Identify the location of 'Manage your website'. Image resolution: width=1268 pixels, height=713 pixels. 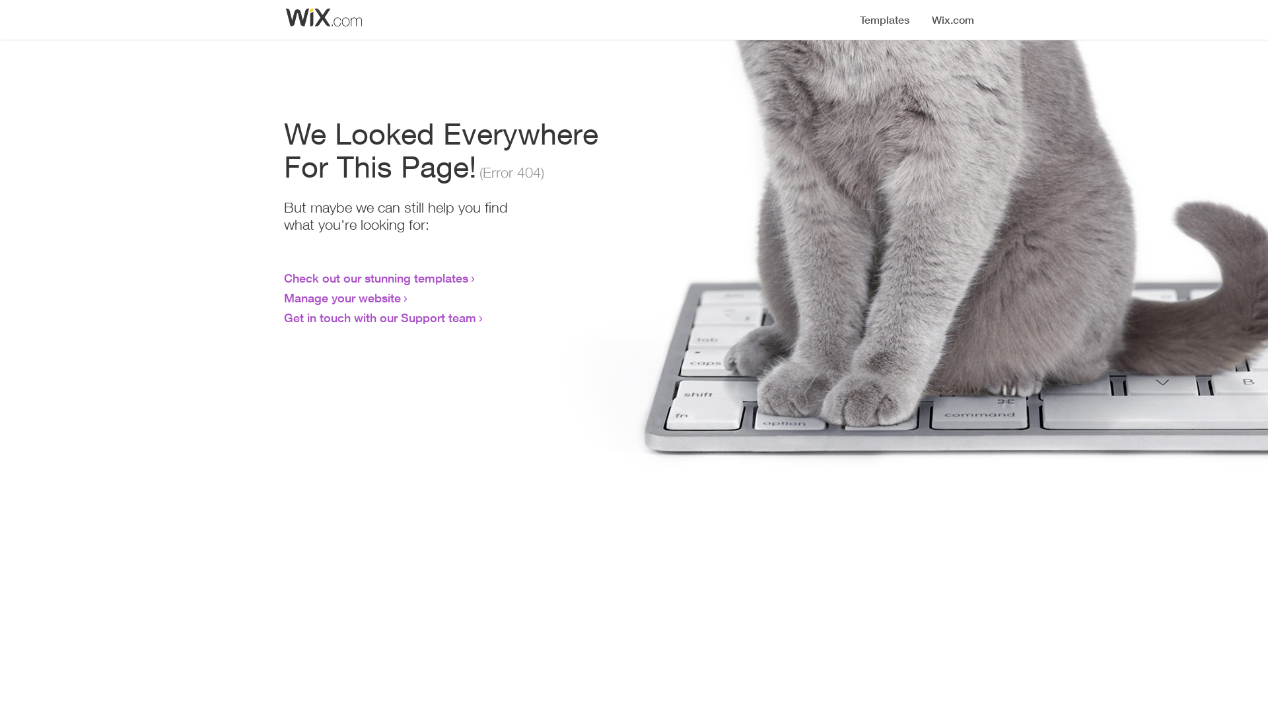
(342, 298).